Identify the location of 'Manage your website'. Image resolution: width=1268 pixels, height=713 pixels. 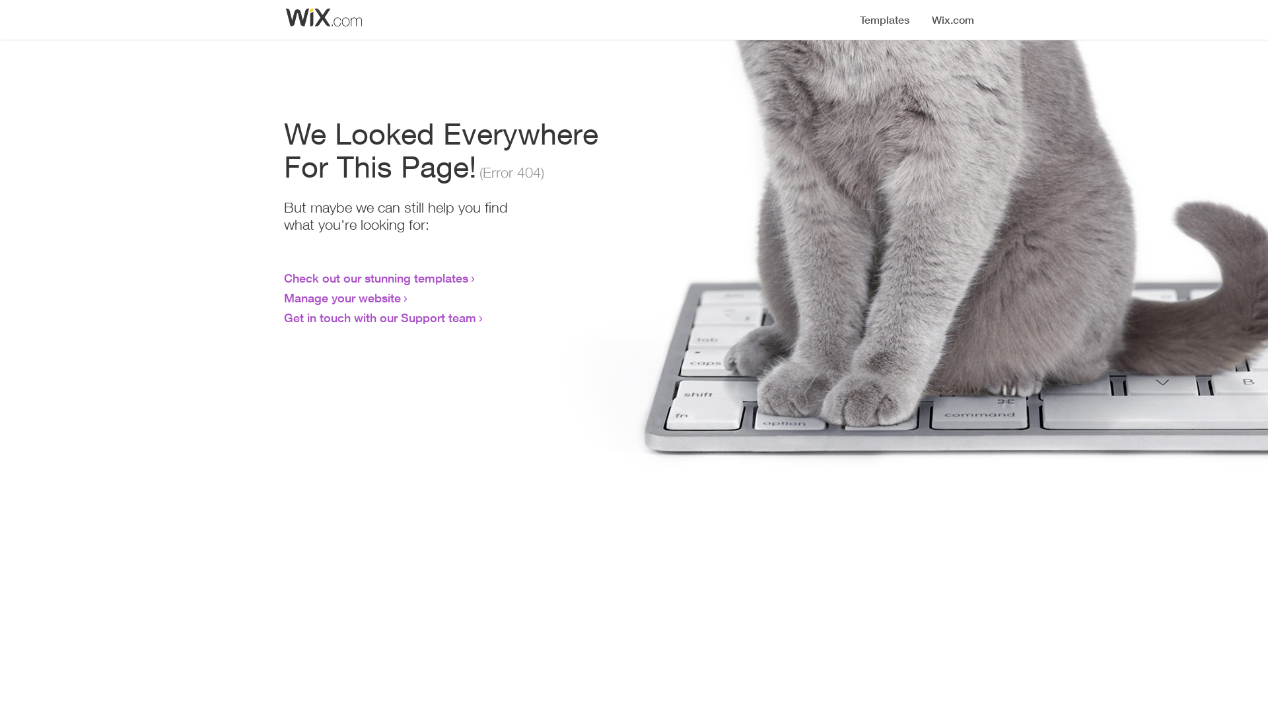
(342, 298).